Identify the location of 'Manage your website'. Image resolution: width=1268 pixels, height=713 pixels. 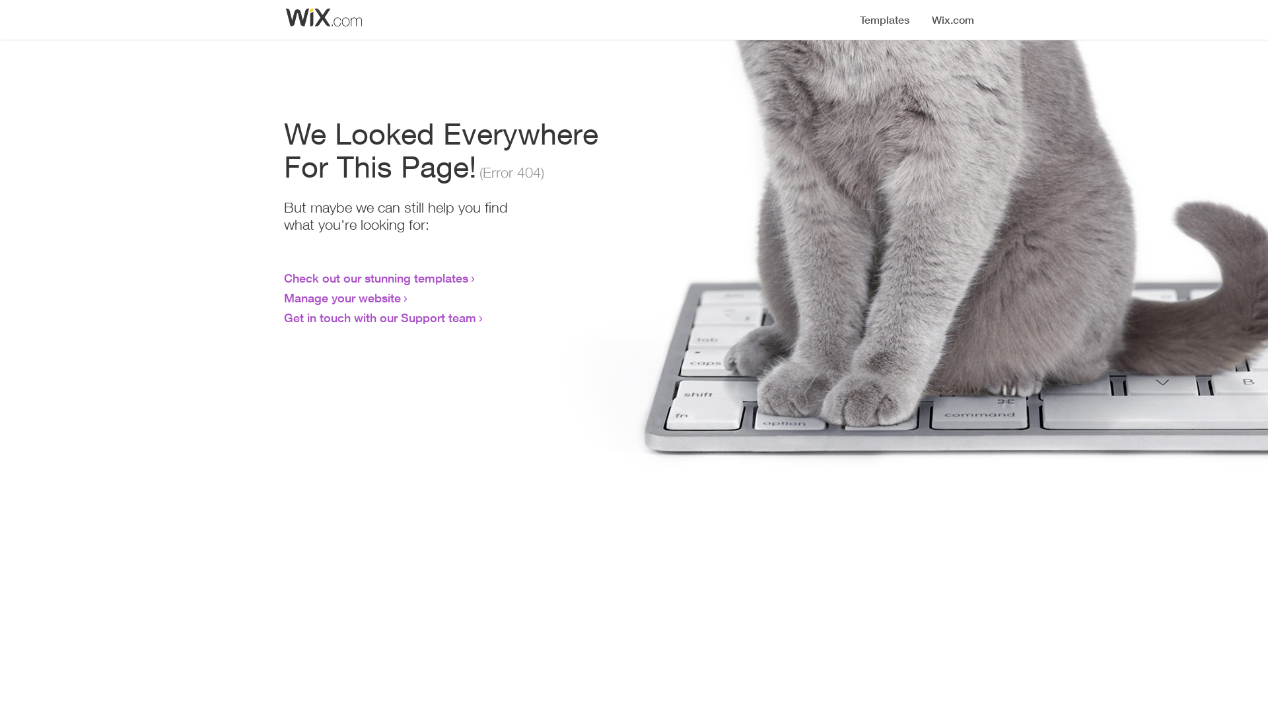
(342, 298).